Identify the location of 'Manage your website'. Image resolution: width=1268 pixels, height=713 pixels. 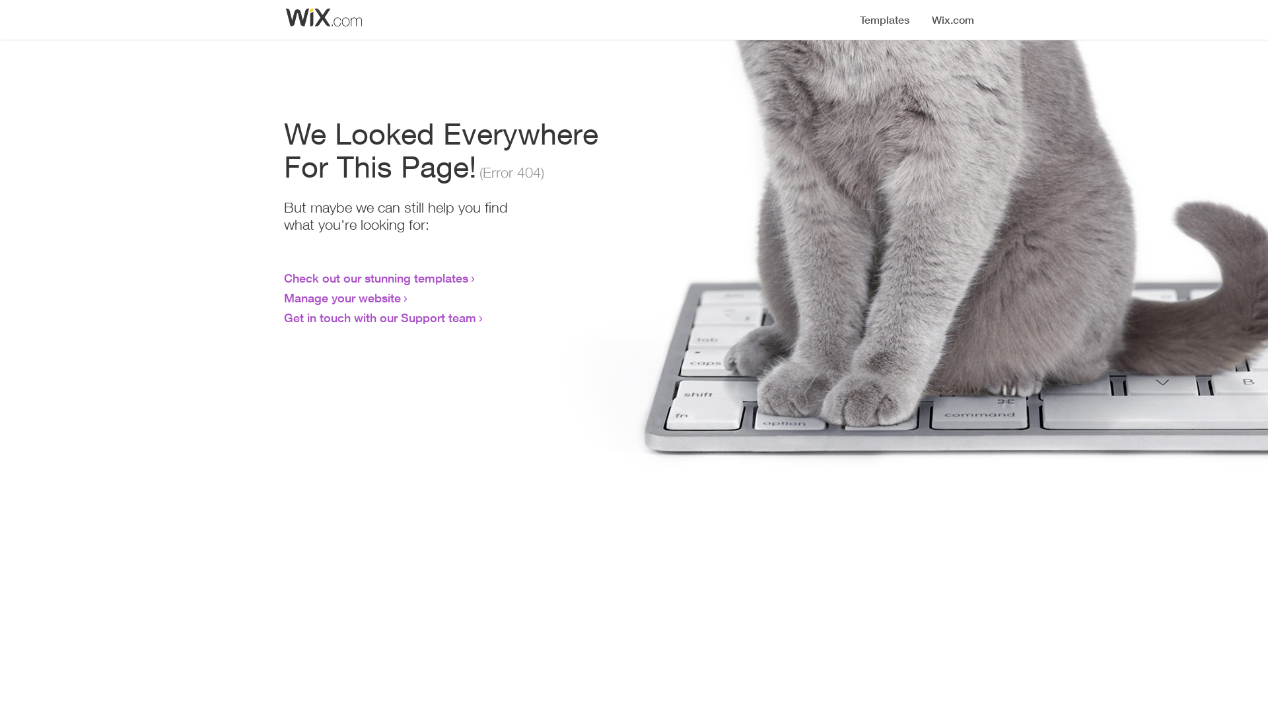
(342, 298).